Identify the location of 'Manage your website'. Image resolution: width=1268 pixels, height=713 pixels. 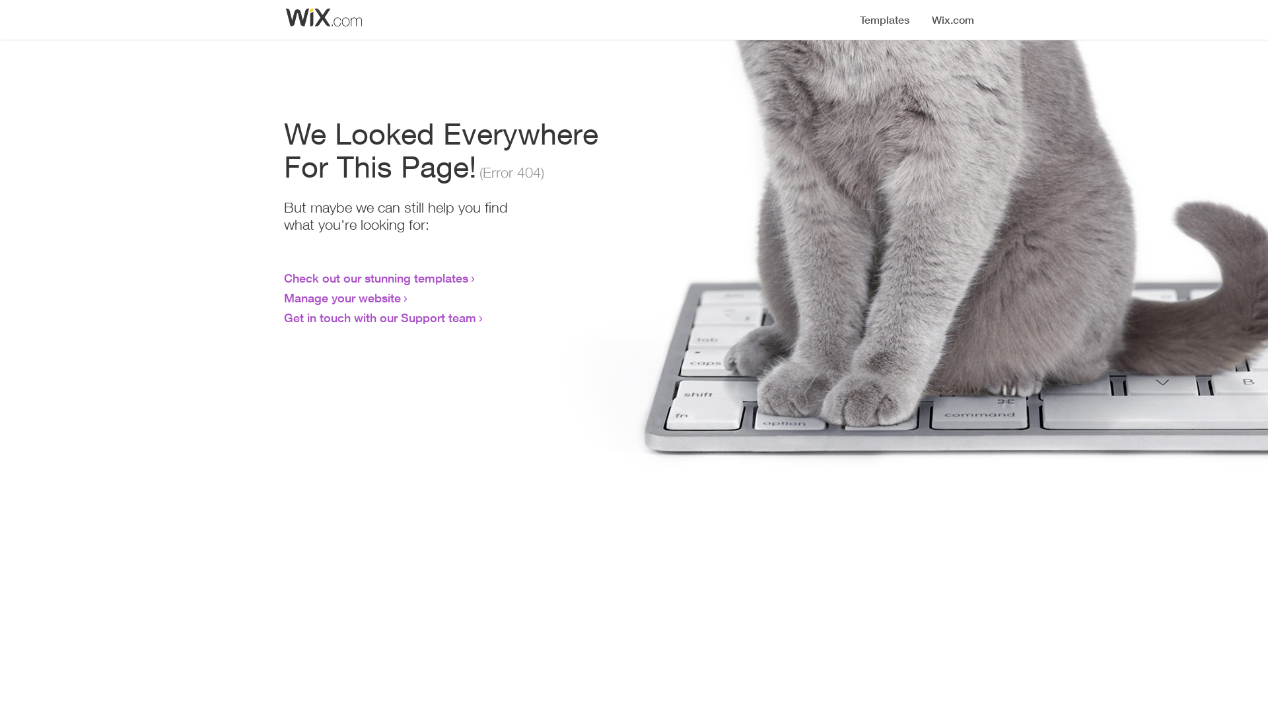
(342, 298).